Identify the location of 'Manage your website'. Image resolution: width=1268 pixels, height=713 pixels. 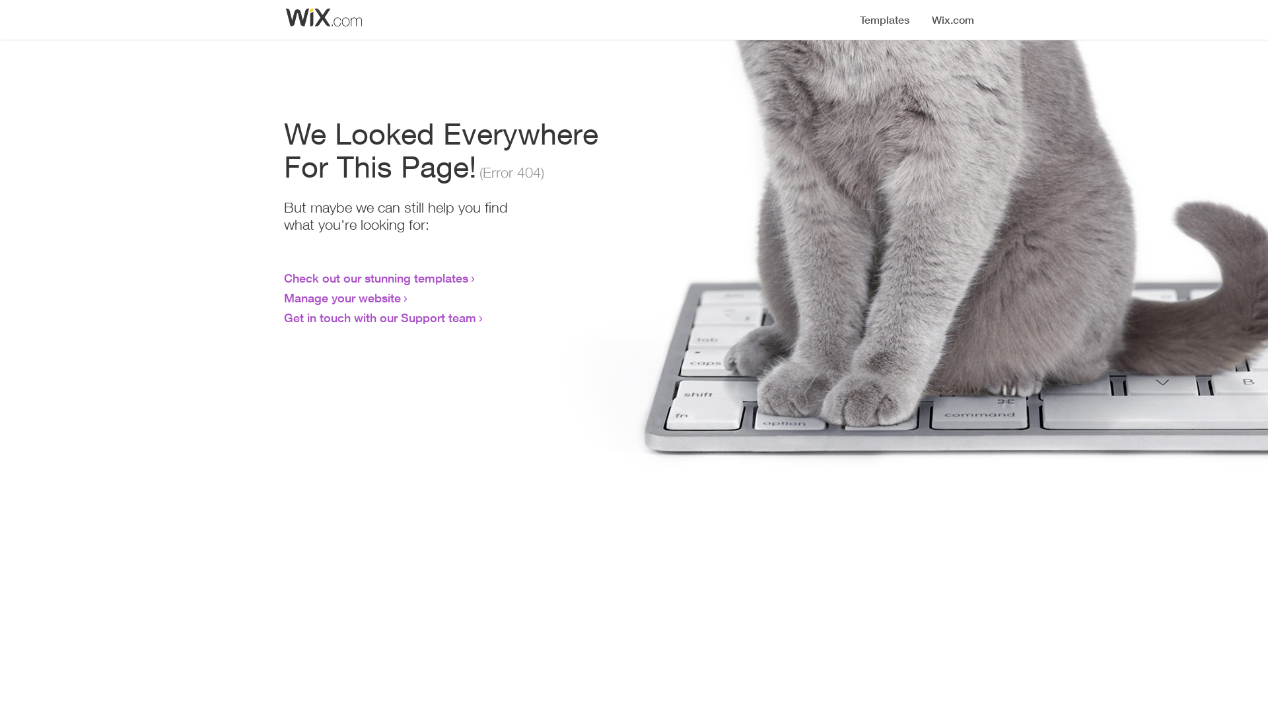
(342, 298).